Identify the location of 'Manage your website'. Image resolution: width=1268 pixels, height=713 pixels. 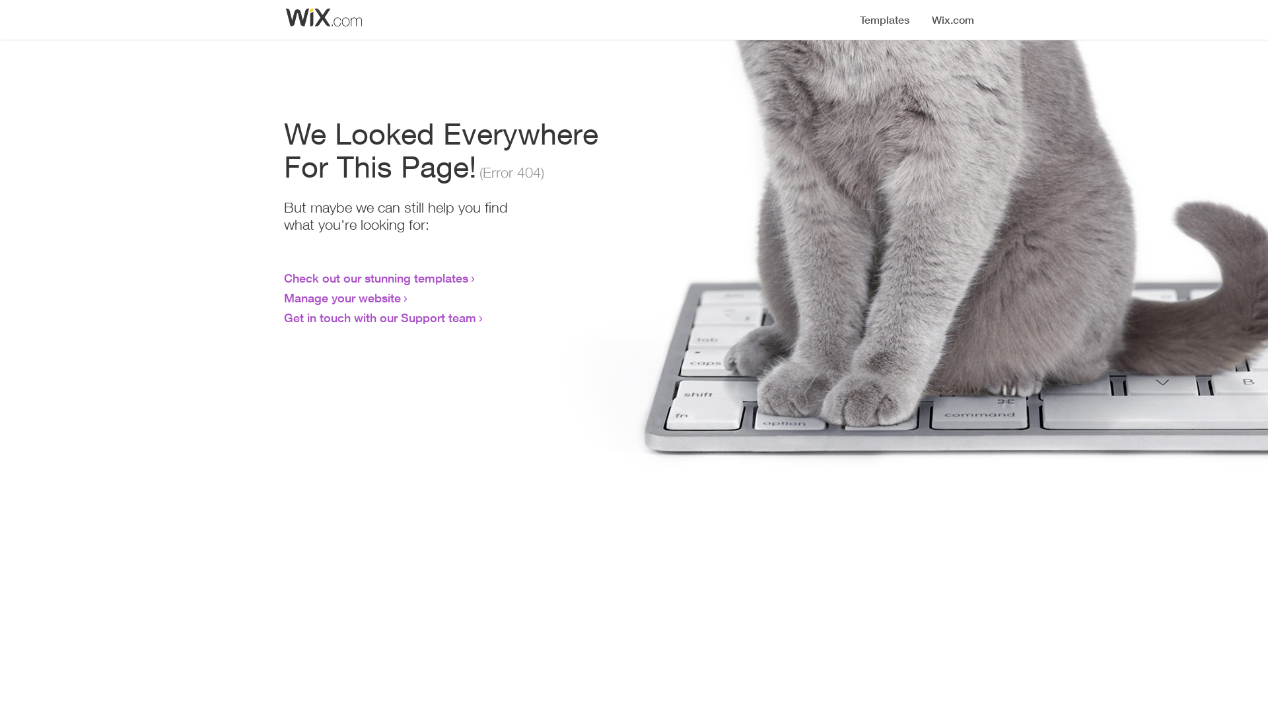
(342, 298).